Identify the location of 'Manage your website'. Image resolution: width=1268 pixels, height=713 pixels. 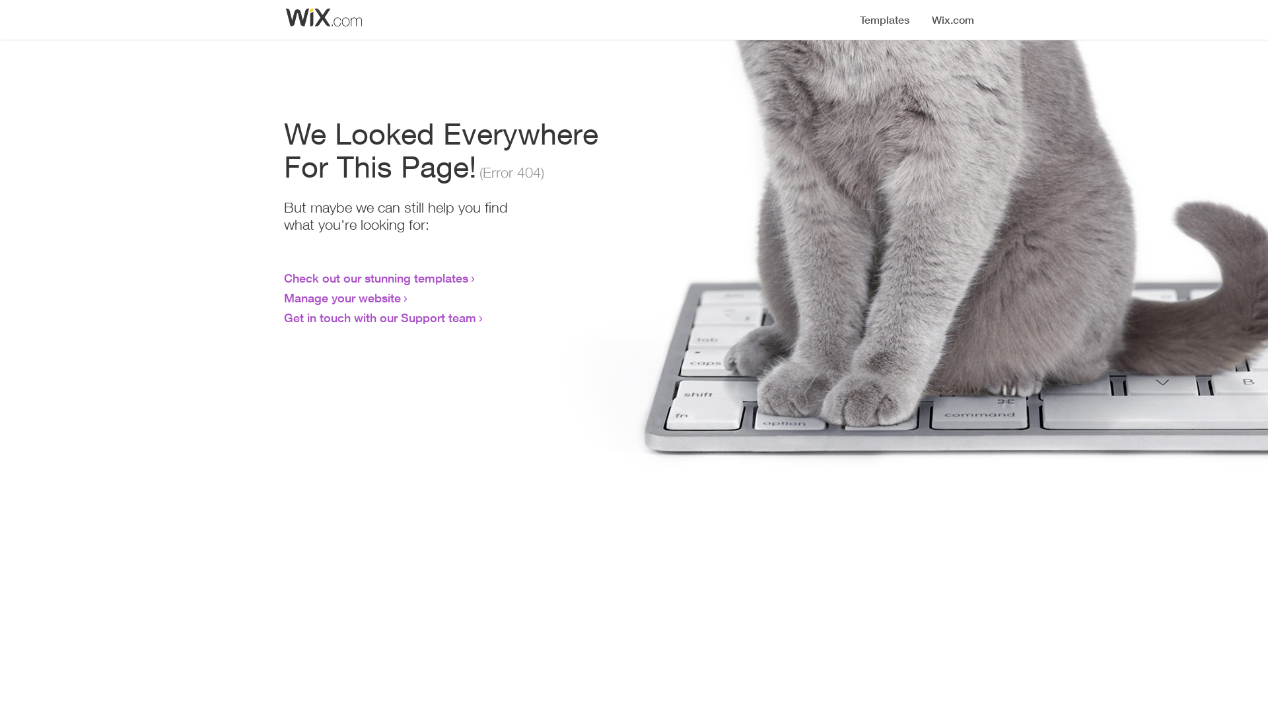
(342, 298).